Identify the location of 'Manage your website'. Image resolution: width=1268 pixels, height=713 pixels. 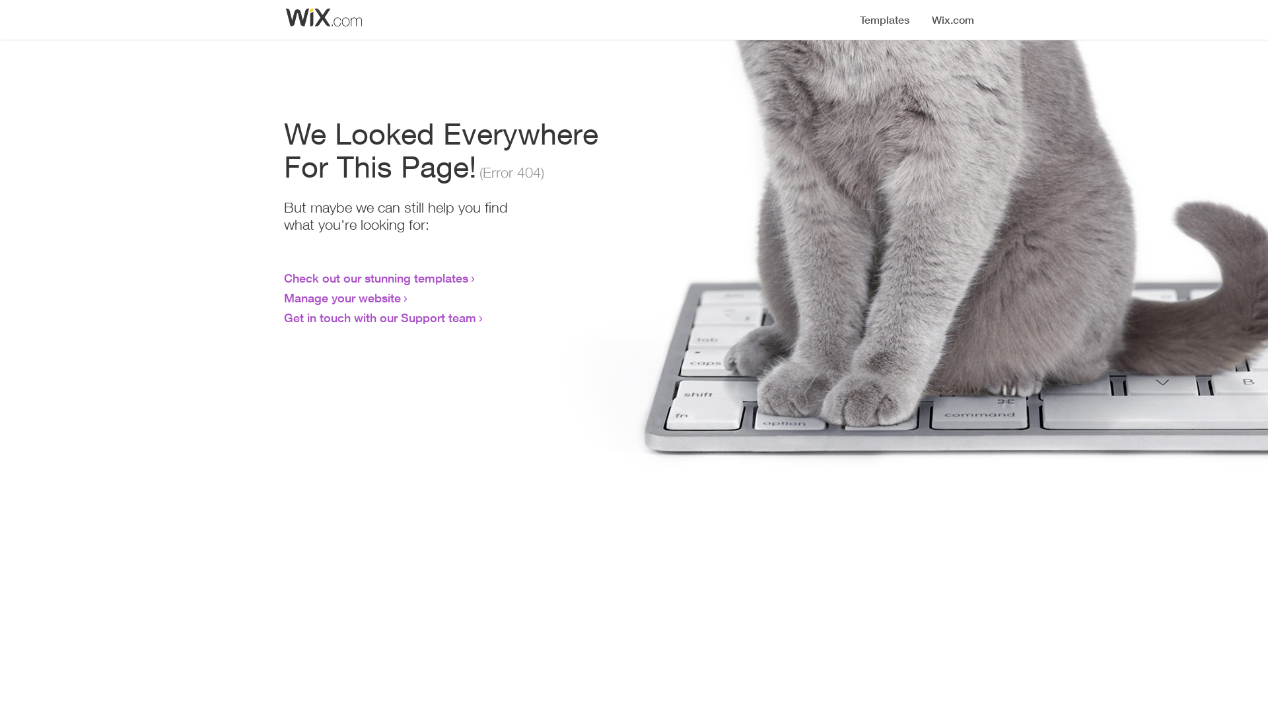
(342, 298).